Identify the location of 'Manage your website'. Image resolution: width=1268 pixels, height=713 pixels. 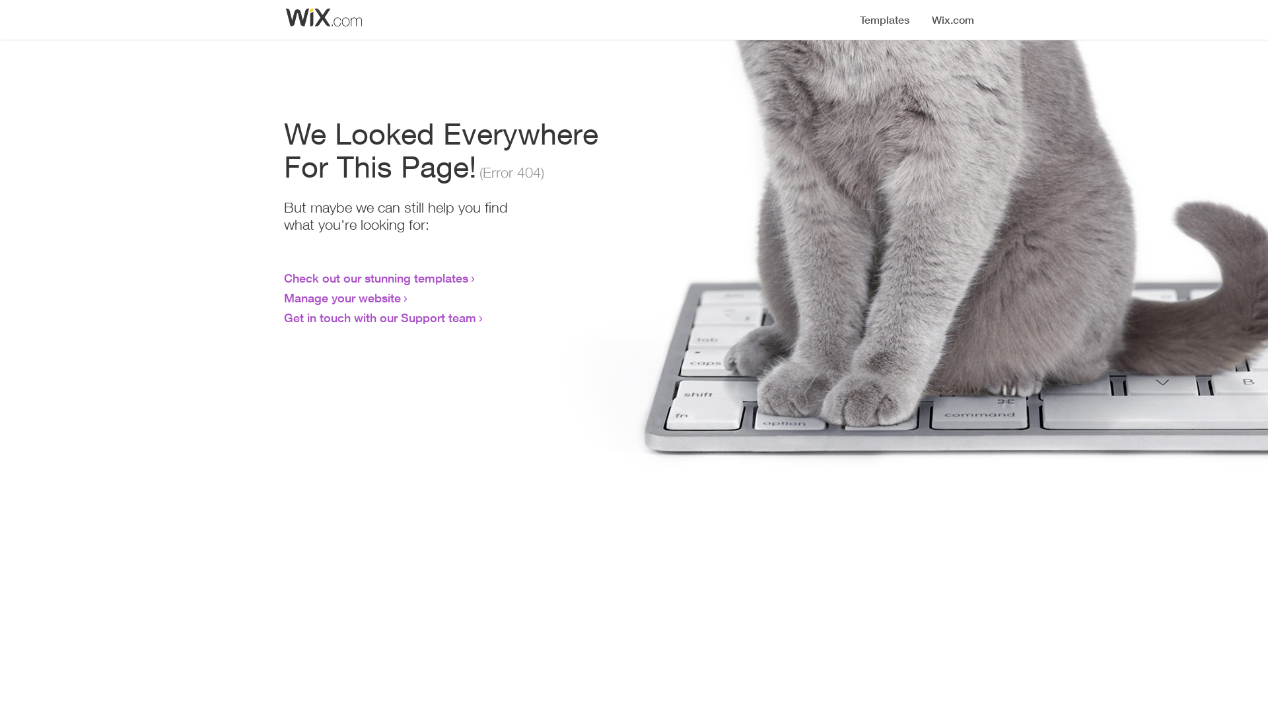
(342, 298).